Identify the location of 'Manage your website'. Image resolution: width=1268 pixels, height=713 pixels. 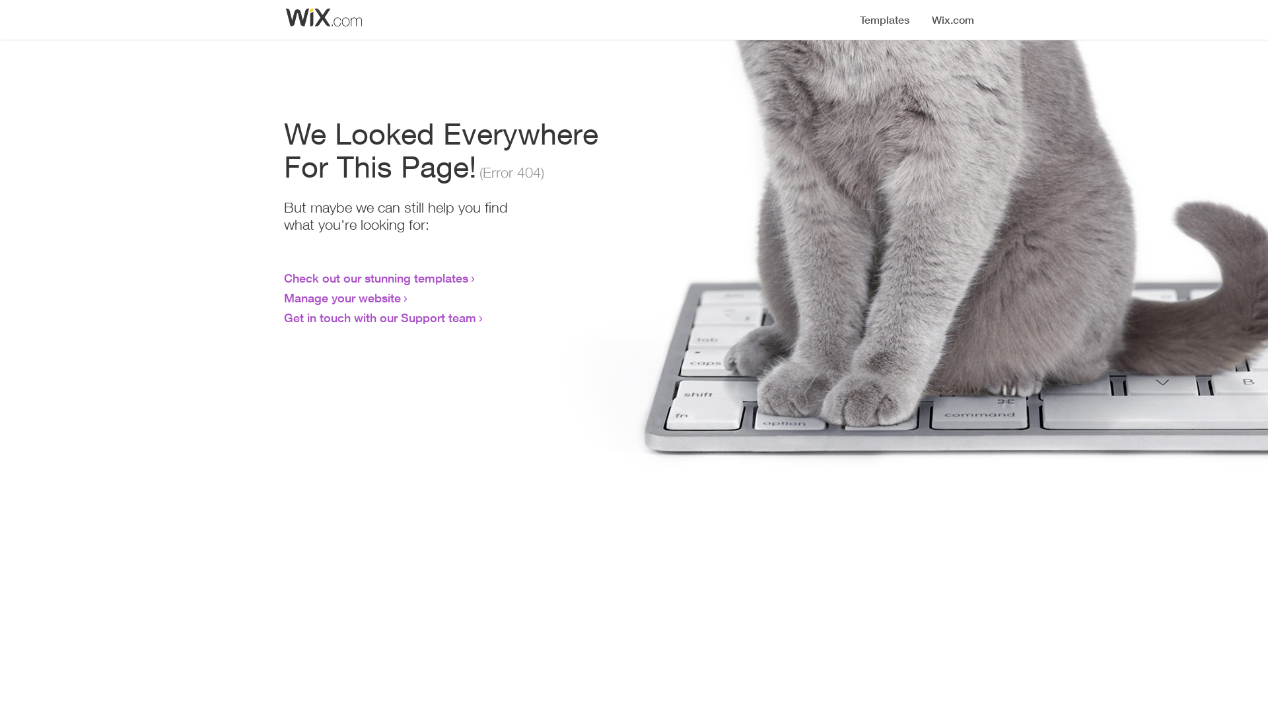
(342, 298).